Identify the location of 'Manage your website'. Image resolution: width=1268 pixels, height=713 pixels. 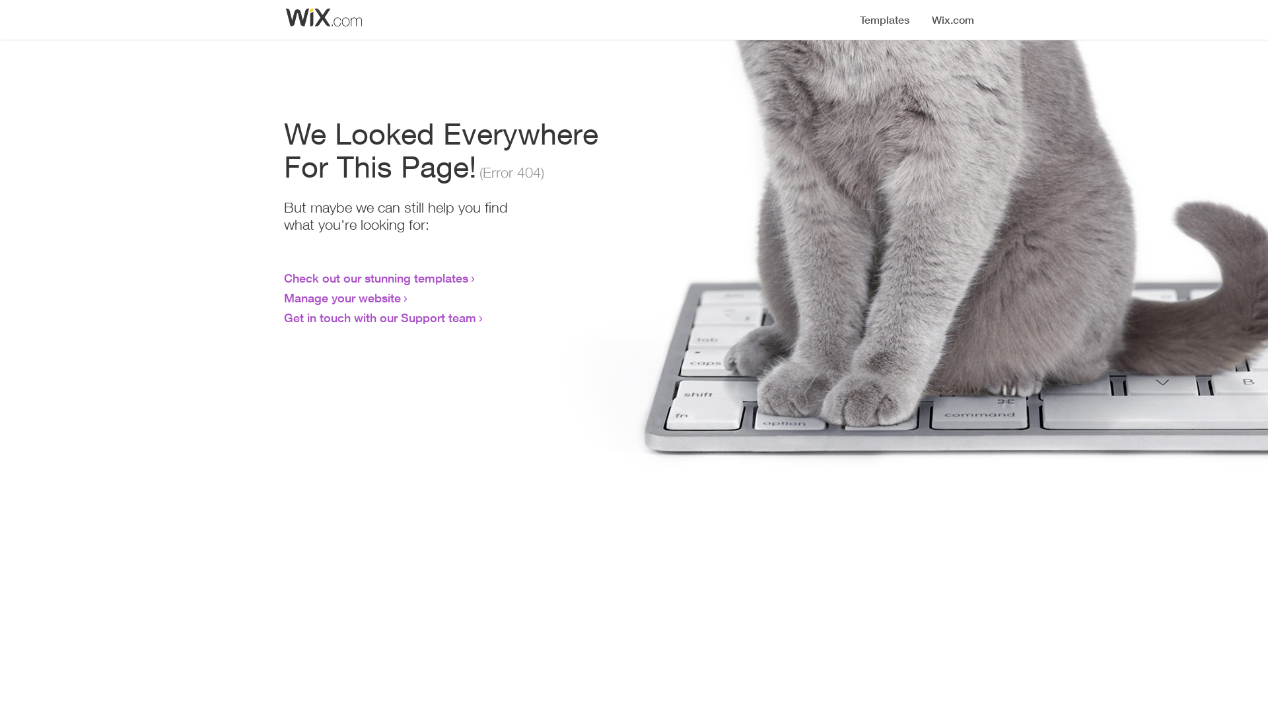
(342, 298).